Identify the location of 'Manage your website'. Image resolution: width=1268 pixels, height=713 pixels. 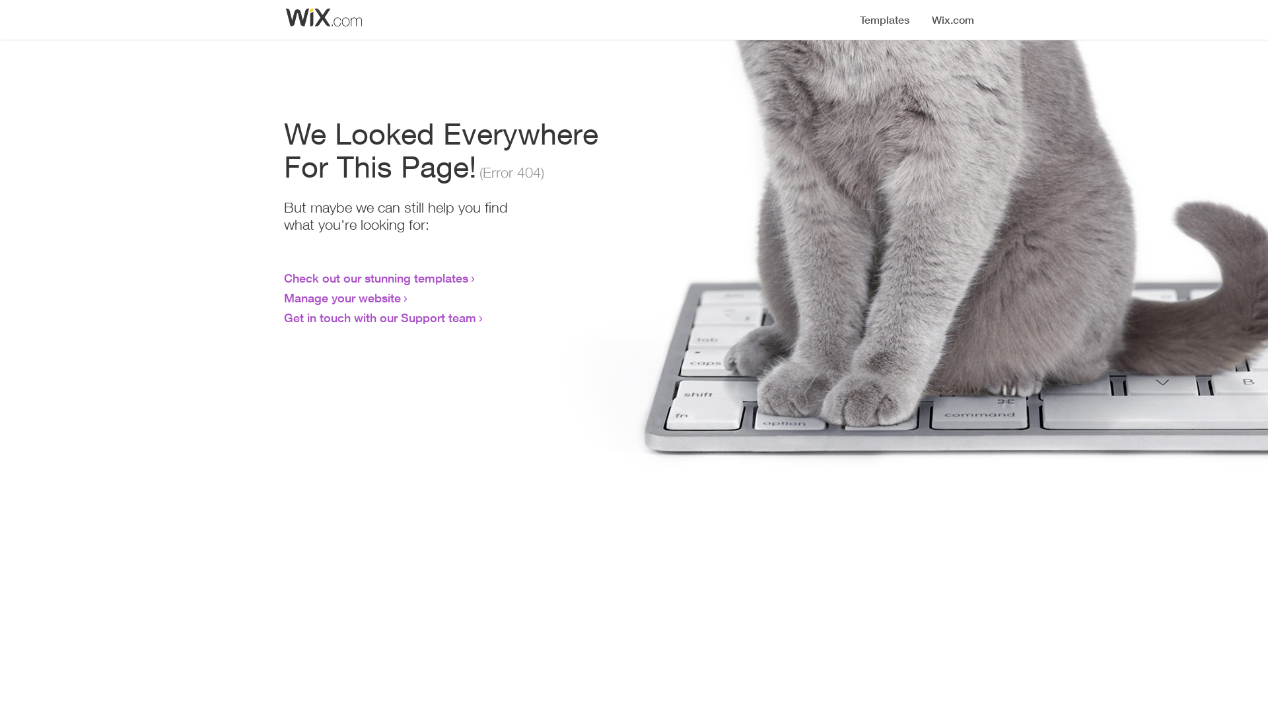
(342, 298).